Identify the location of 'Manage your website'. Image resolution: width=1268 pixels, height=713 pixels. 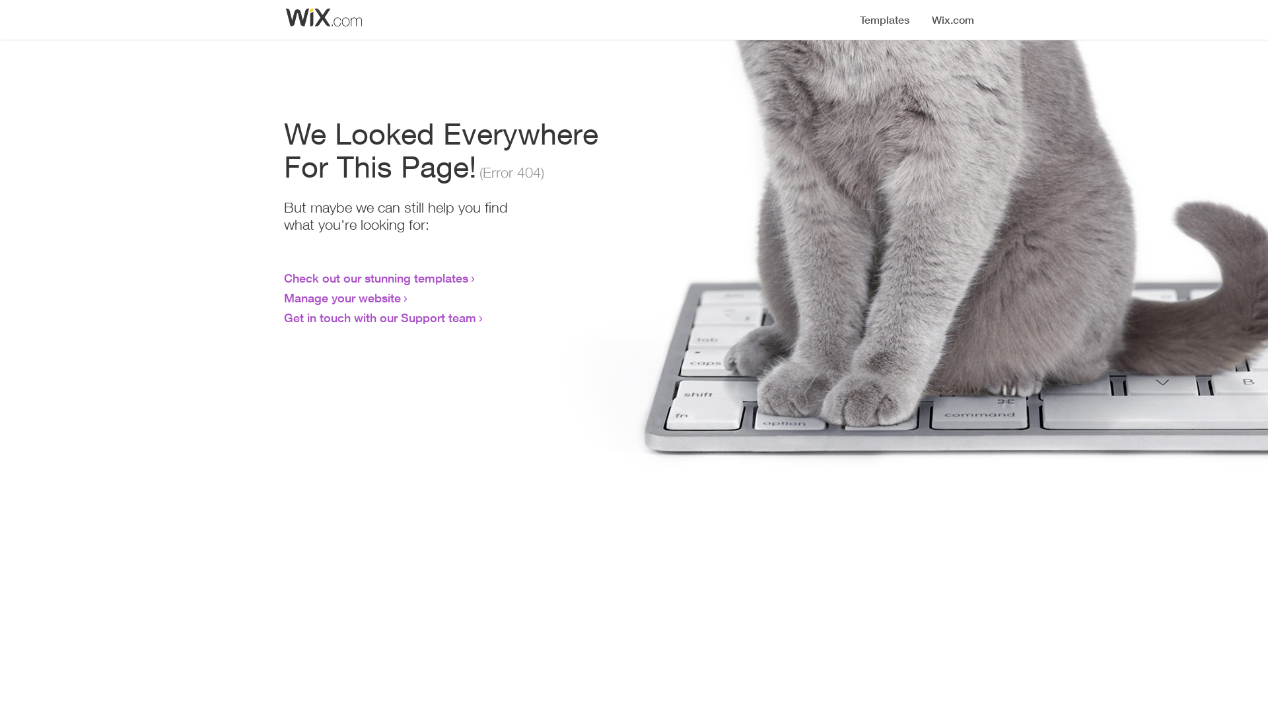
(342, 298).